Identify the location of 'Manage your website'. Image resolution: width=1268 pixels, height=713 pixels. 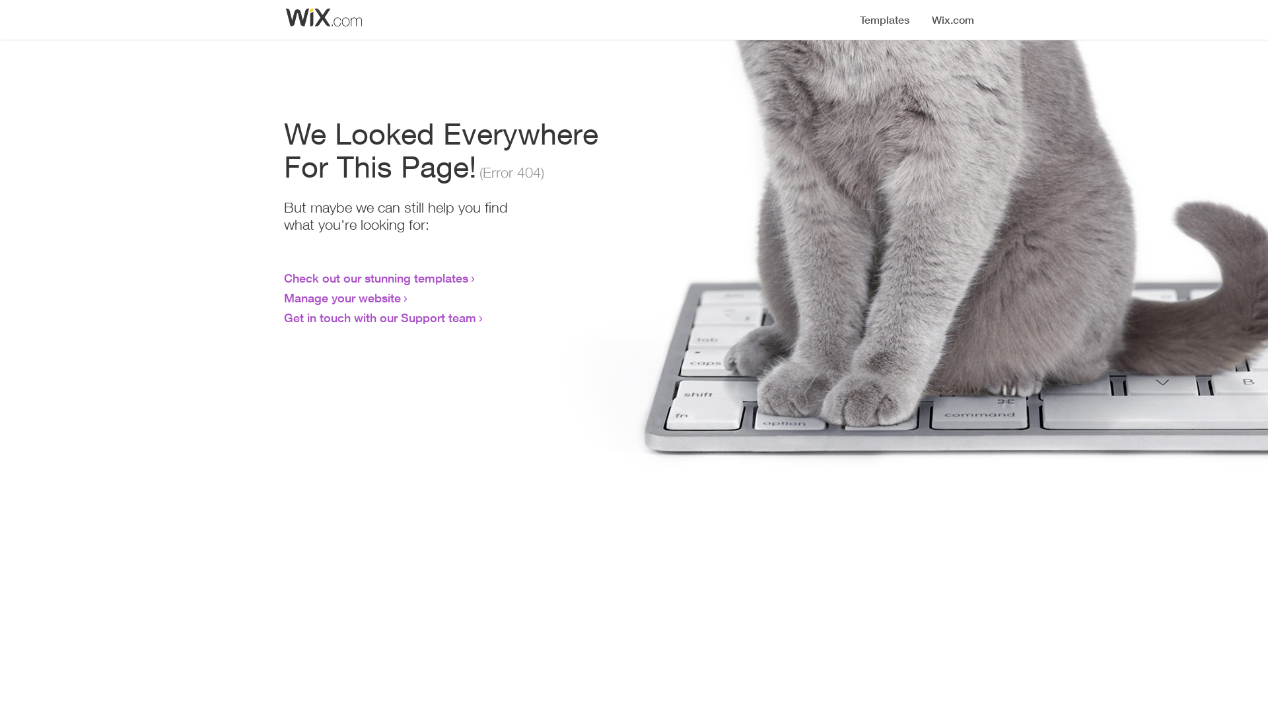
(342, 298).